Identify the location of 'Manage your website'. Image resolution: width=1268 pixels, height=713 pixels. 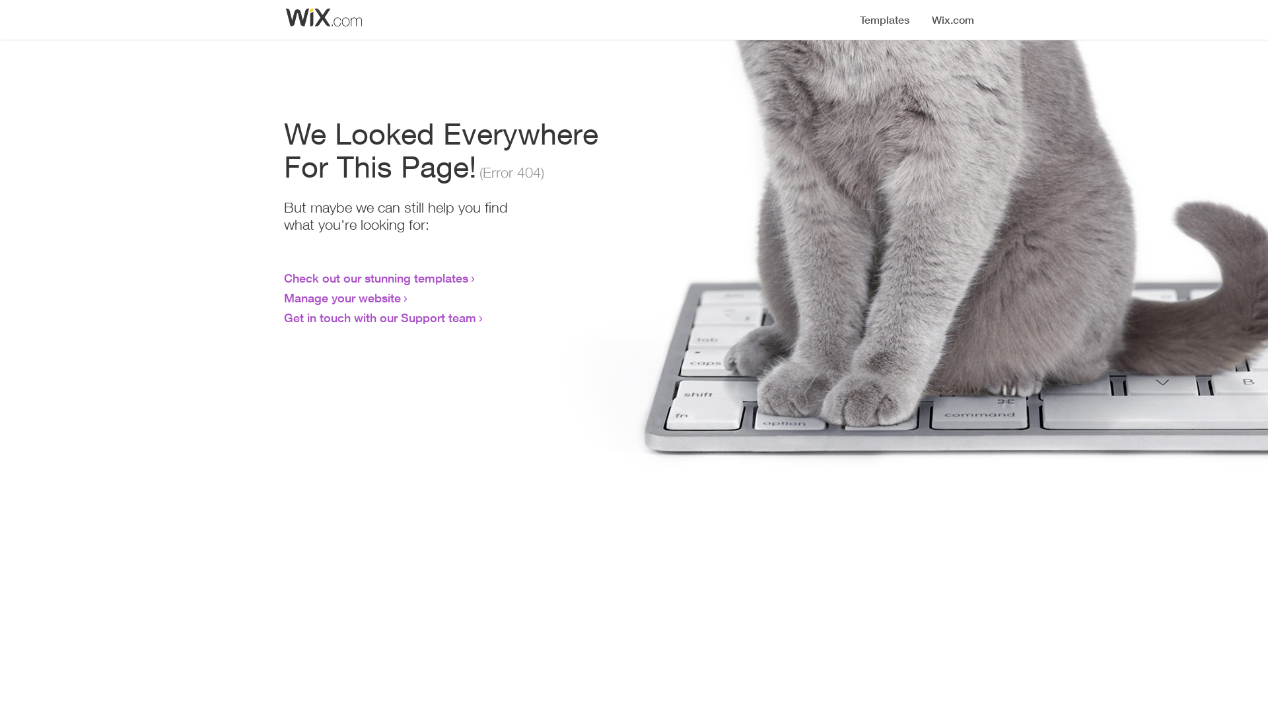
(342, 298).